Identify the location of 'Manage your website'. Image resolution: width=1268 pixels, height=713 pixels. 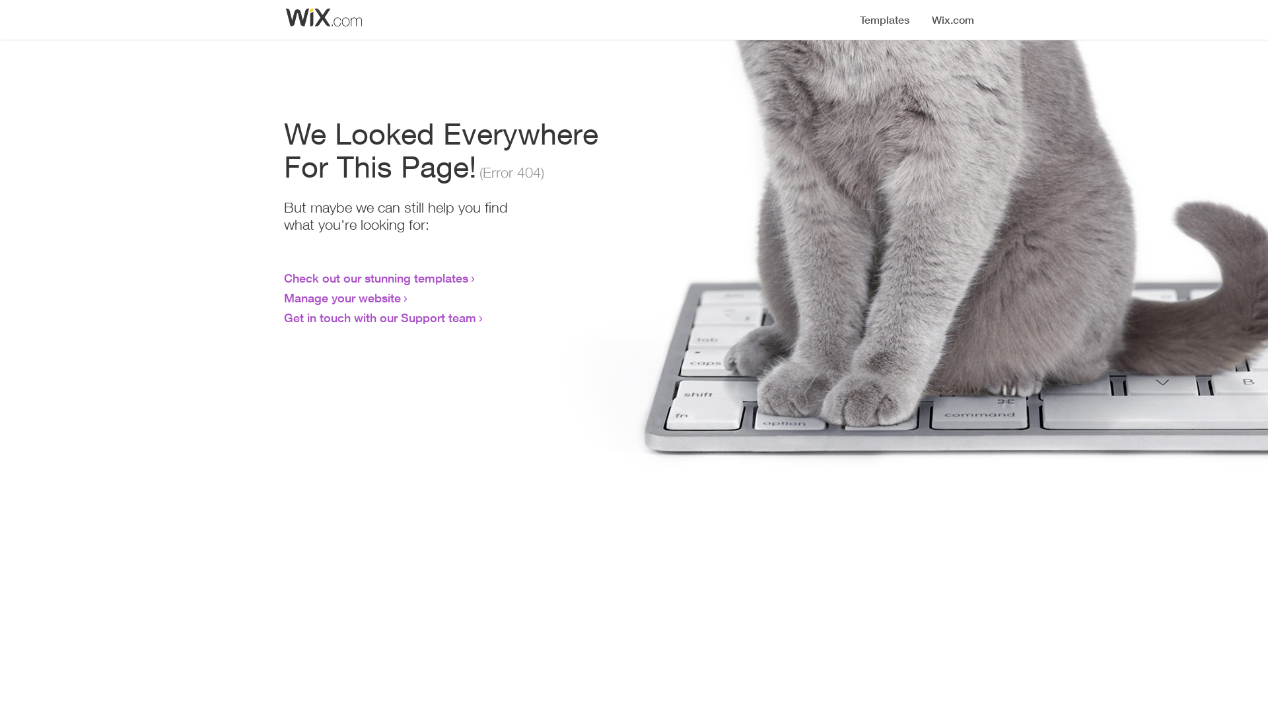
(342, 298).